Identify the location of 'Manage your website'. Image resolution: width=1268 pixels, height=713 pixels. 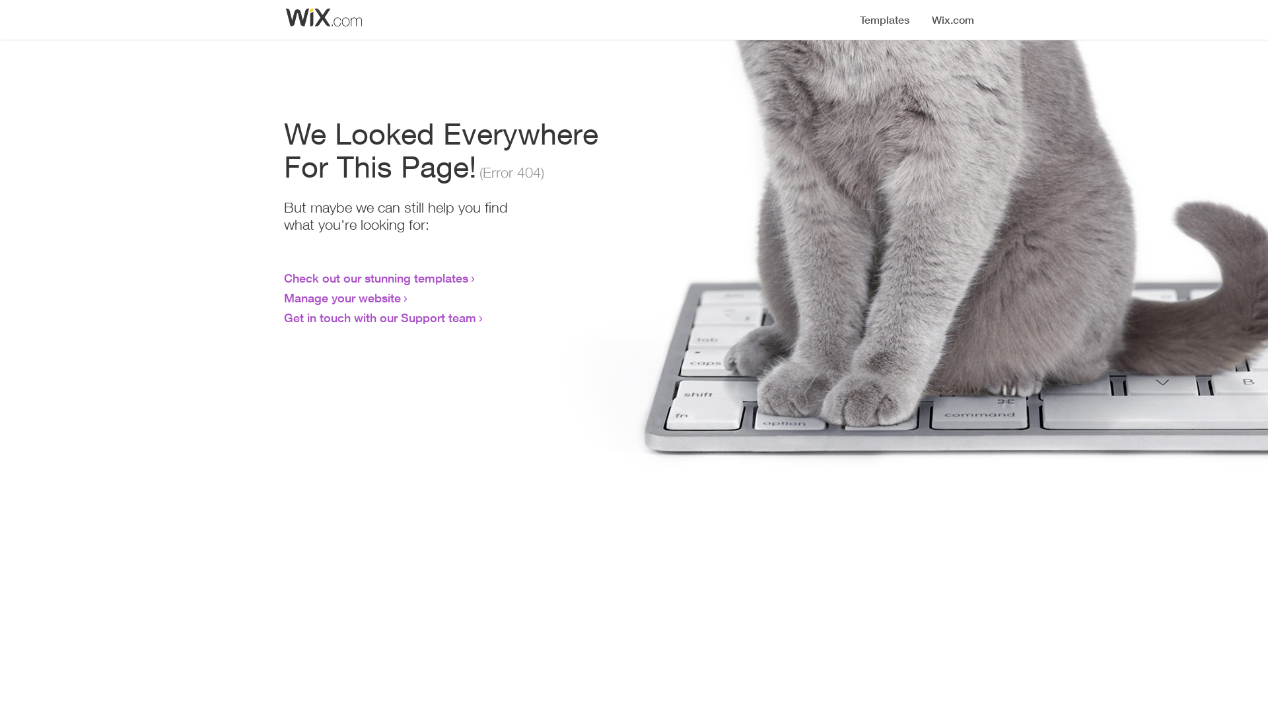
(342, 298).